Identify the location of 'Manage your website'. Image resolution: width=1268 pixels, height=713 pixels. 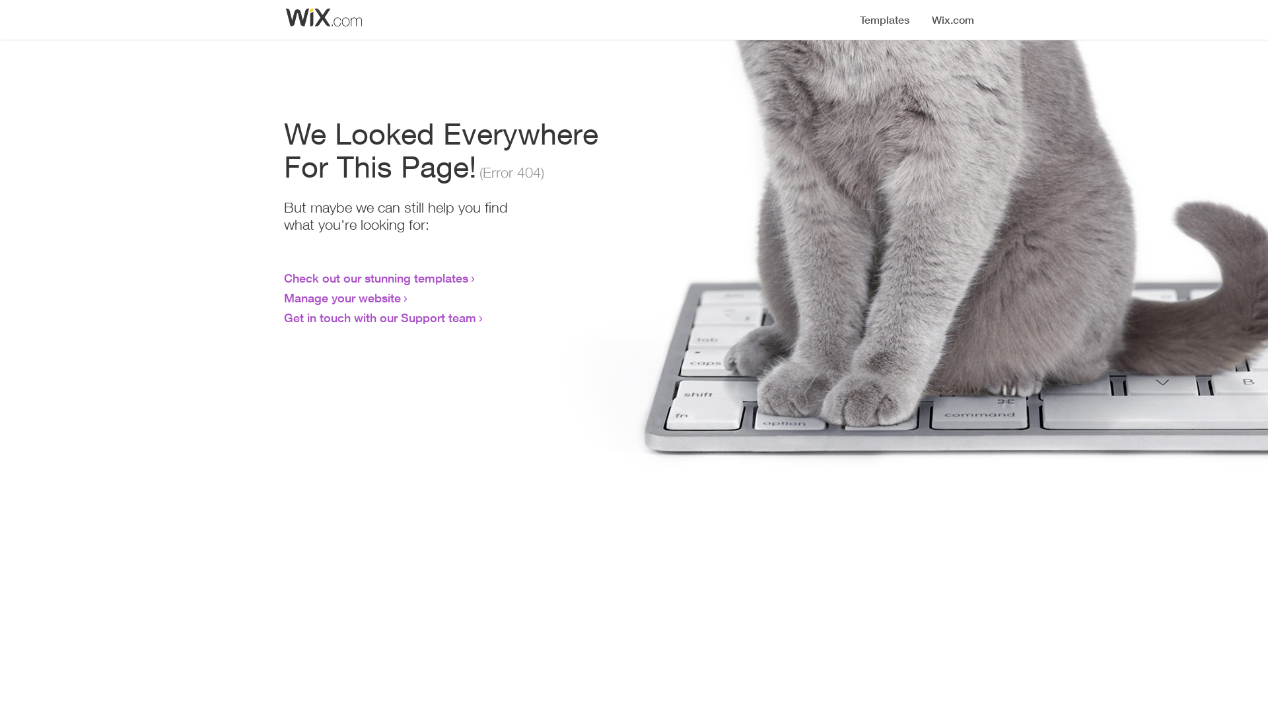
(342, 298).